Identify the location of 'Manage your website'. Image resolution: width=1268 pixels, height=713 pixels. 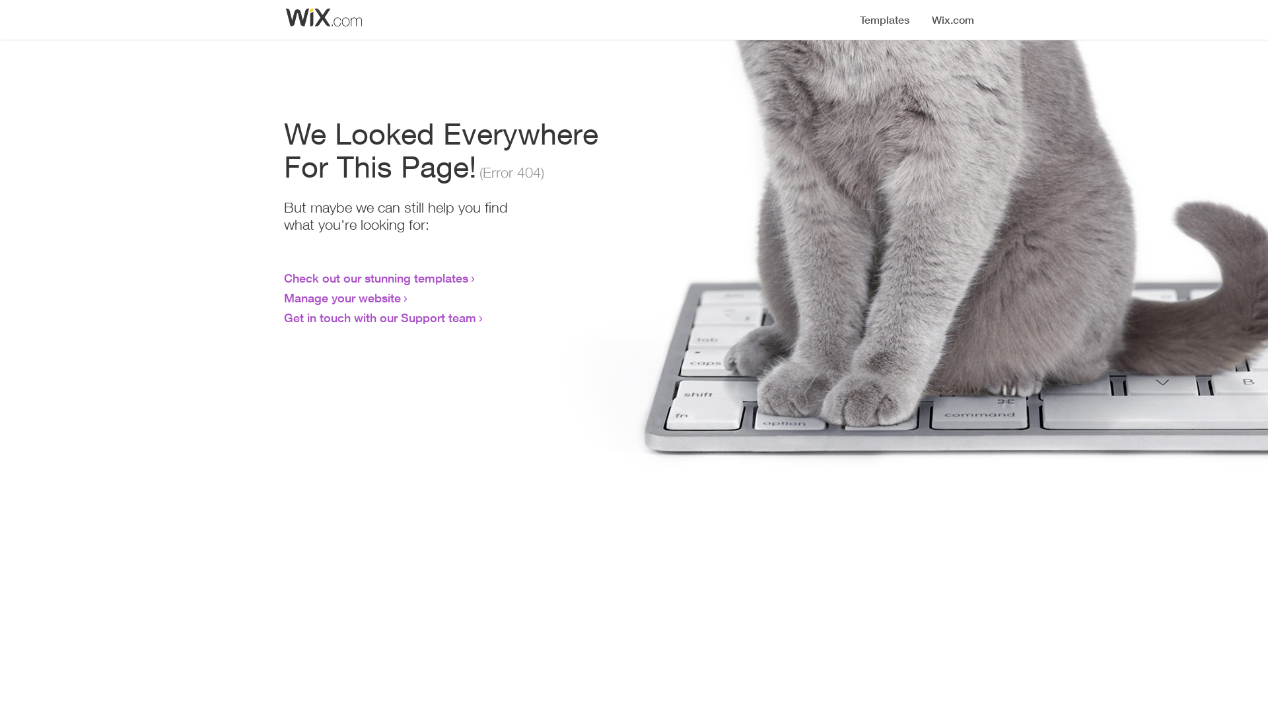
(342, 298).